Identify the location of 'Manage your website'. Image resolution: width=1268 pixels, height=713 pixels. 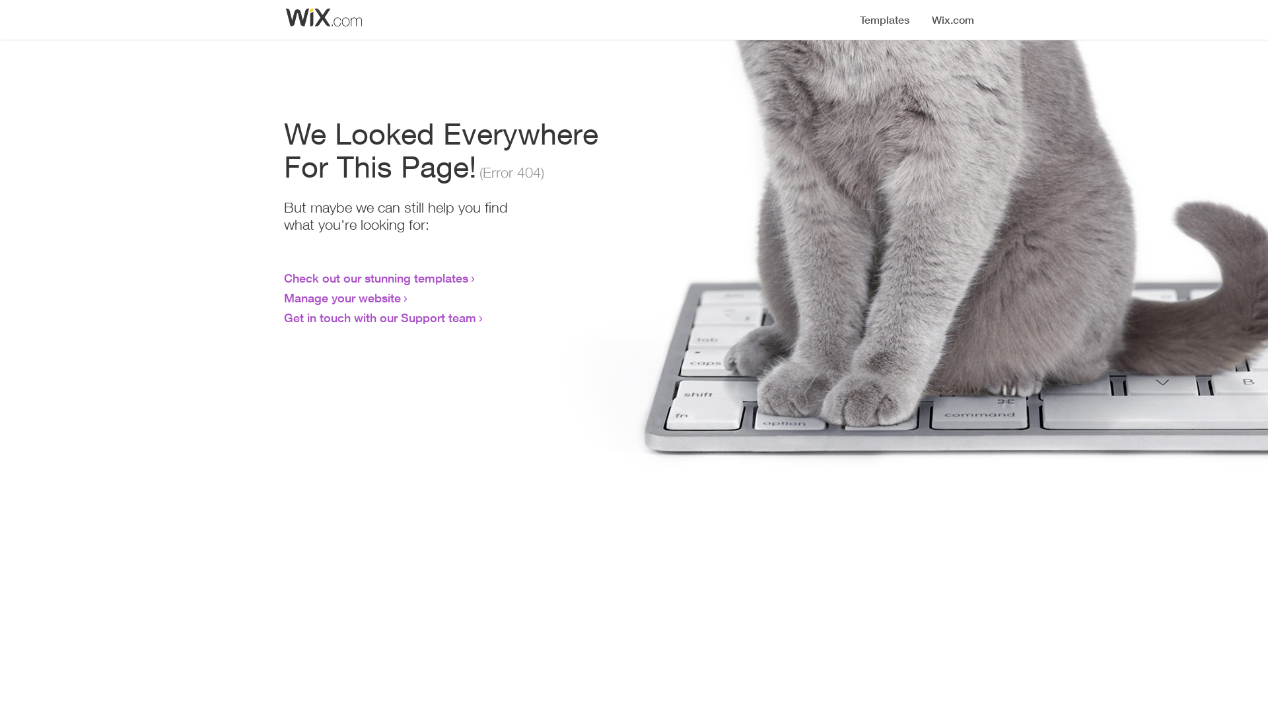
(342, 298).